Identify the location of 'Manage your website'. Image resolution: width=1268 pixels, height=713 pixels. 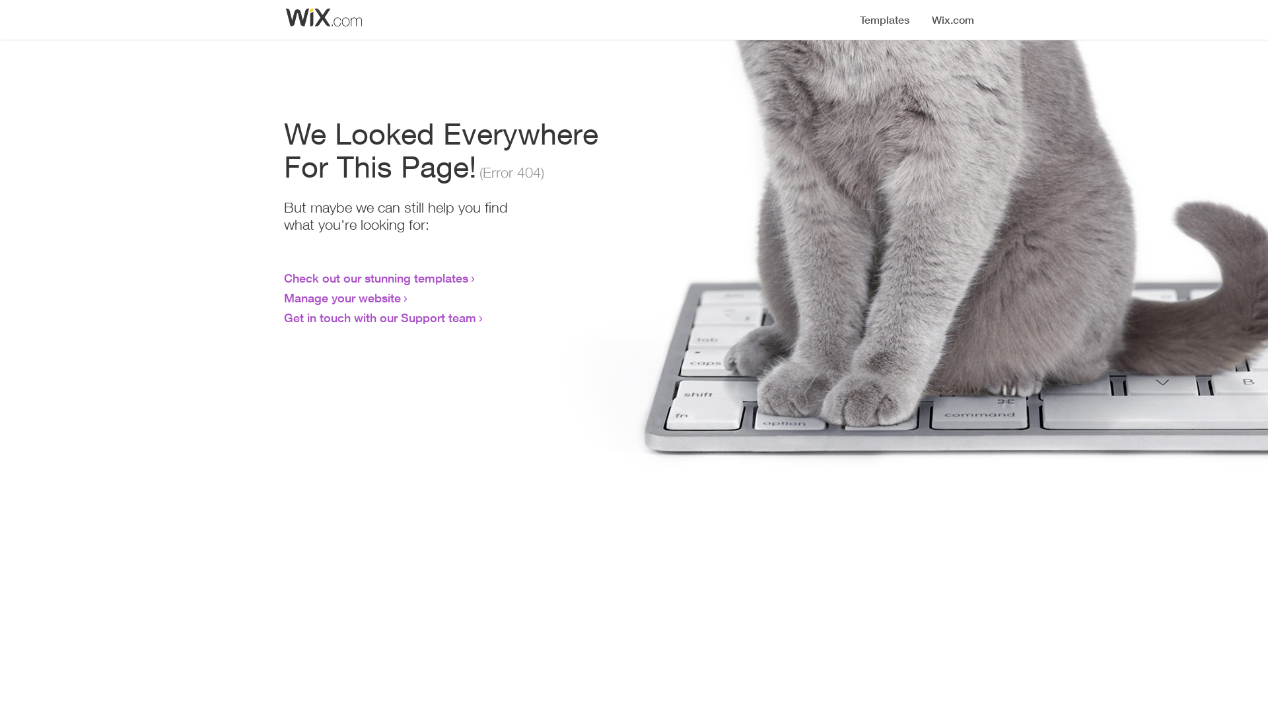
(342, 298).